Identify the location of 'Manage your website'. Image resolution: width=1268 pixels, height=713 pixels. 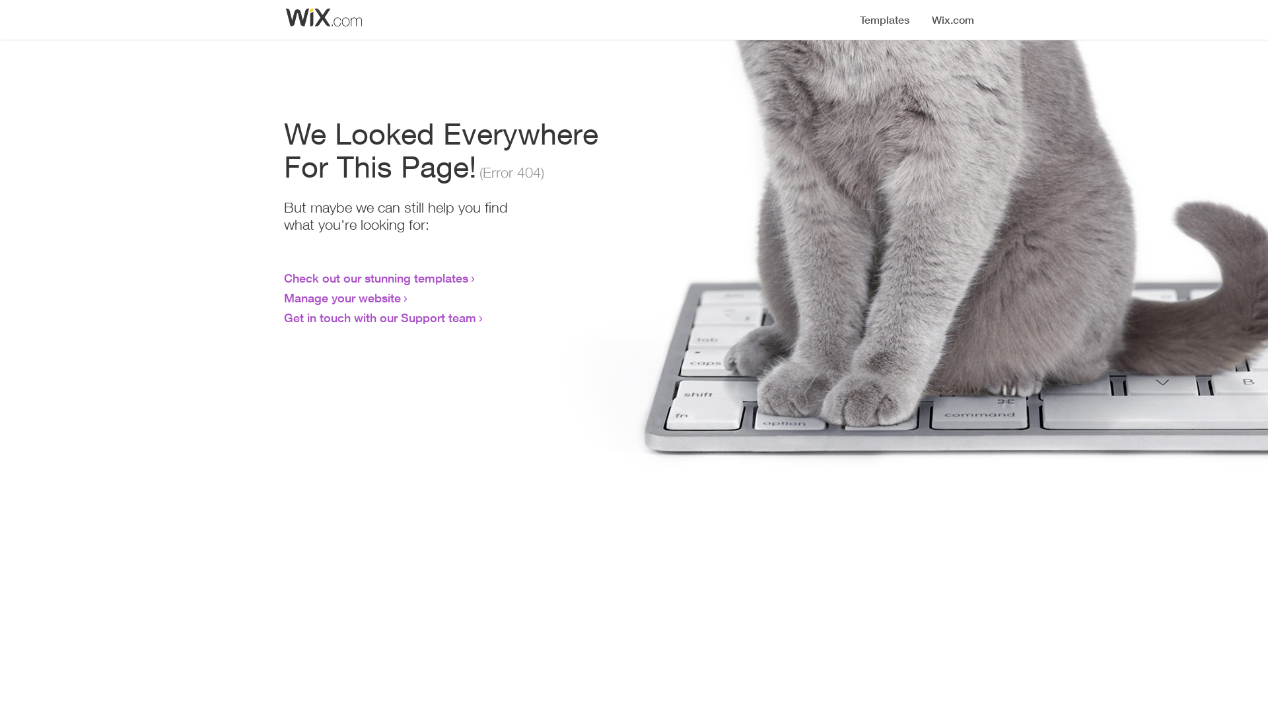
(342, 298).